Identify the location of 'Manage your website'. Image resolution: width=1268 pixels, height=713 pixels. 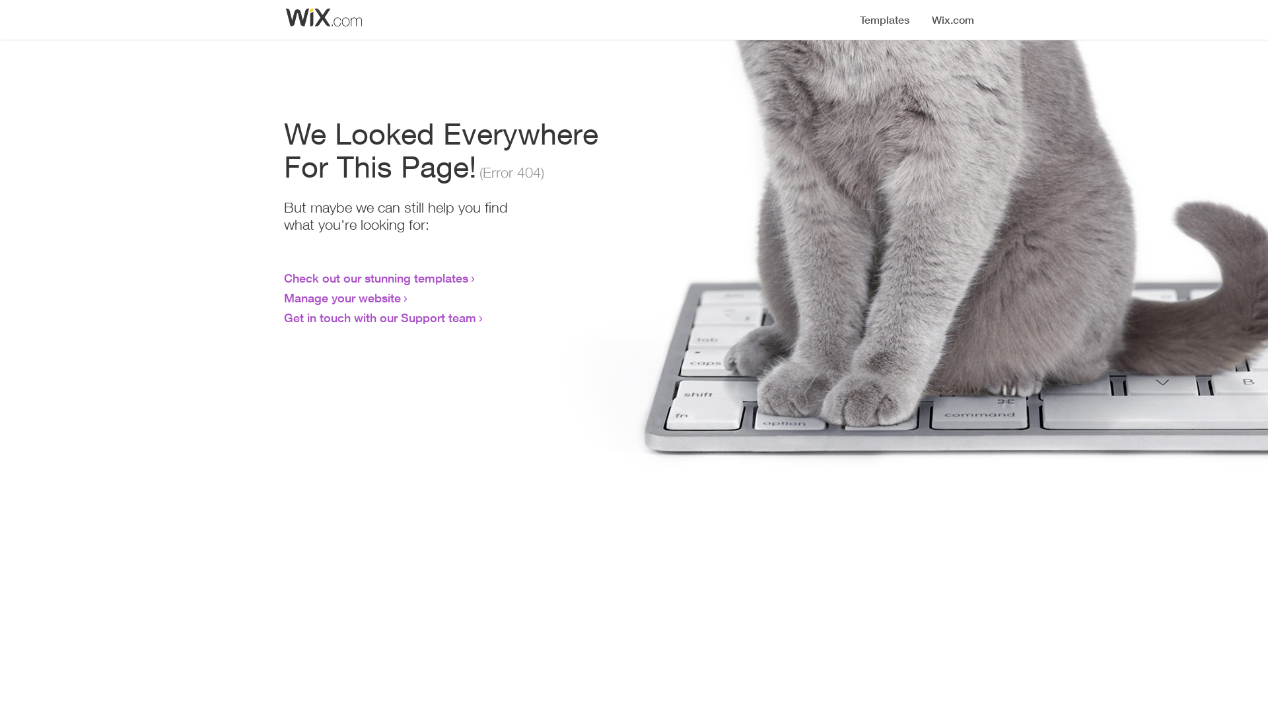
(342, 298).